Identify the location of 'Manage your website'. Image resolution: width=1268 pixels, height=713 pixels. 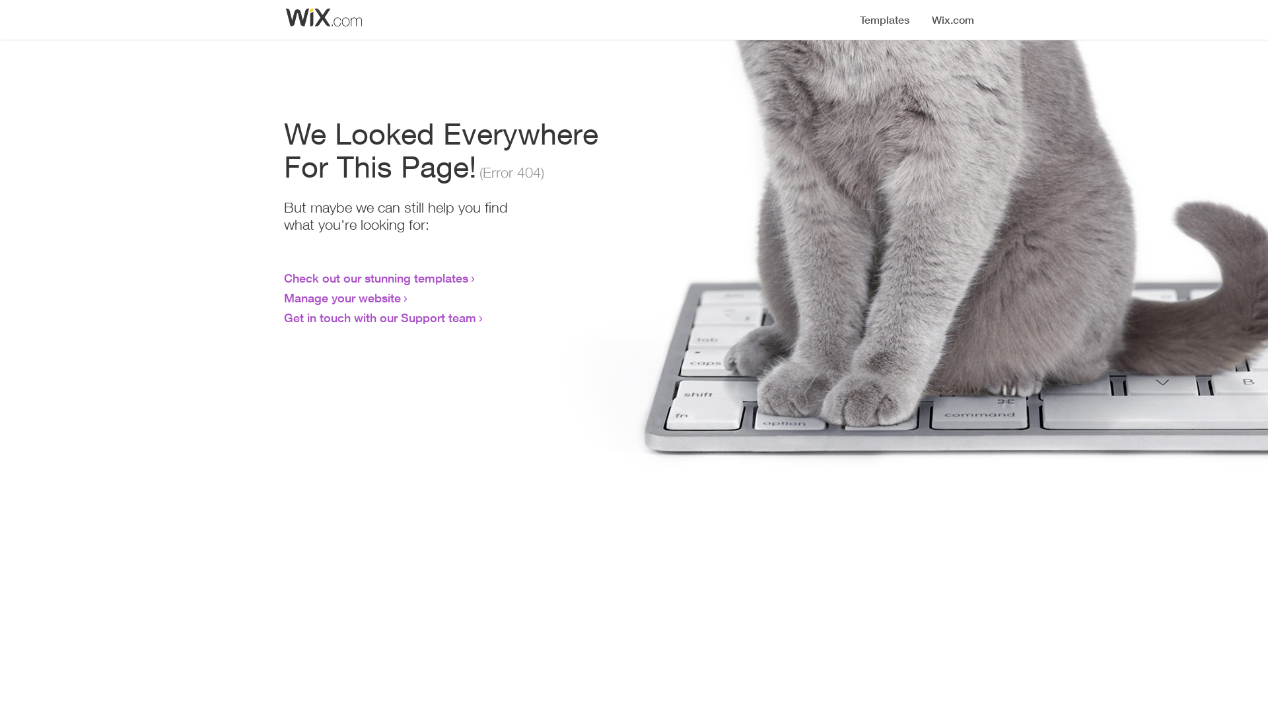
(342, 298).